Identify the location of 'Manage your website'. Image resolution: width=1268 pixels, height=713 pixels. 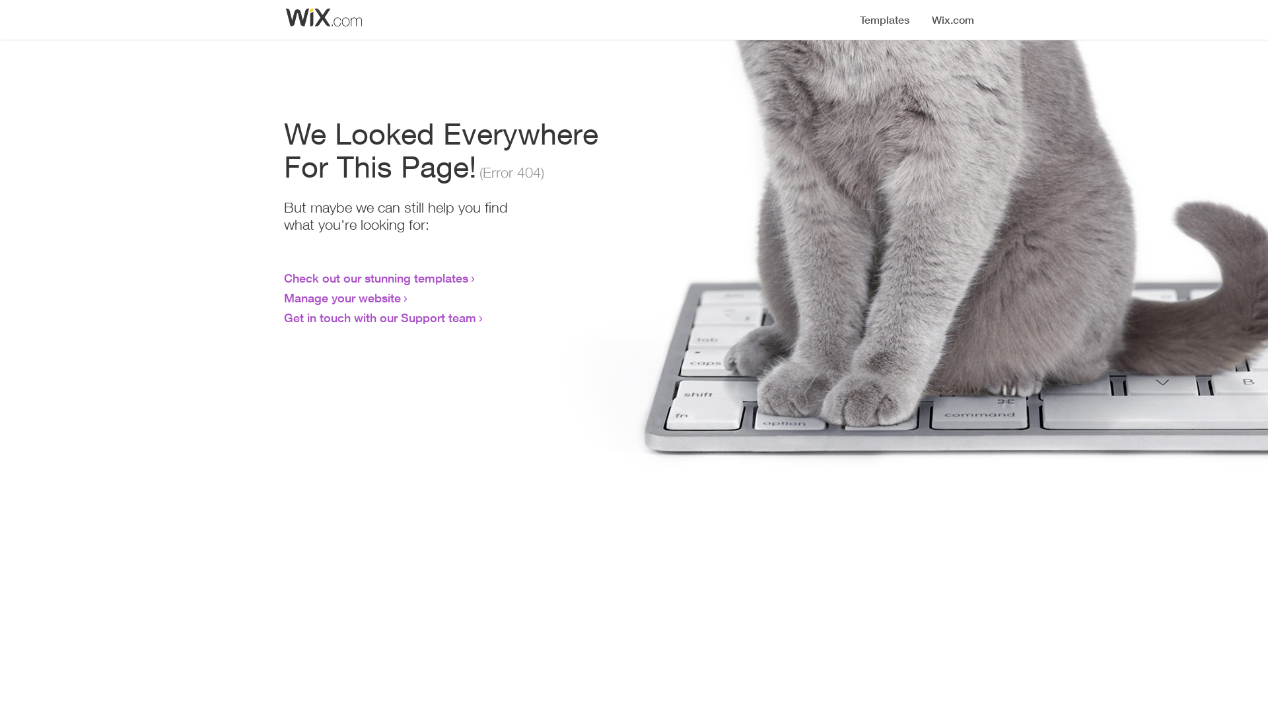
(342, 298).